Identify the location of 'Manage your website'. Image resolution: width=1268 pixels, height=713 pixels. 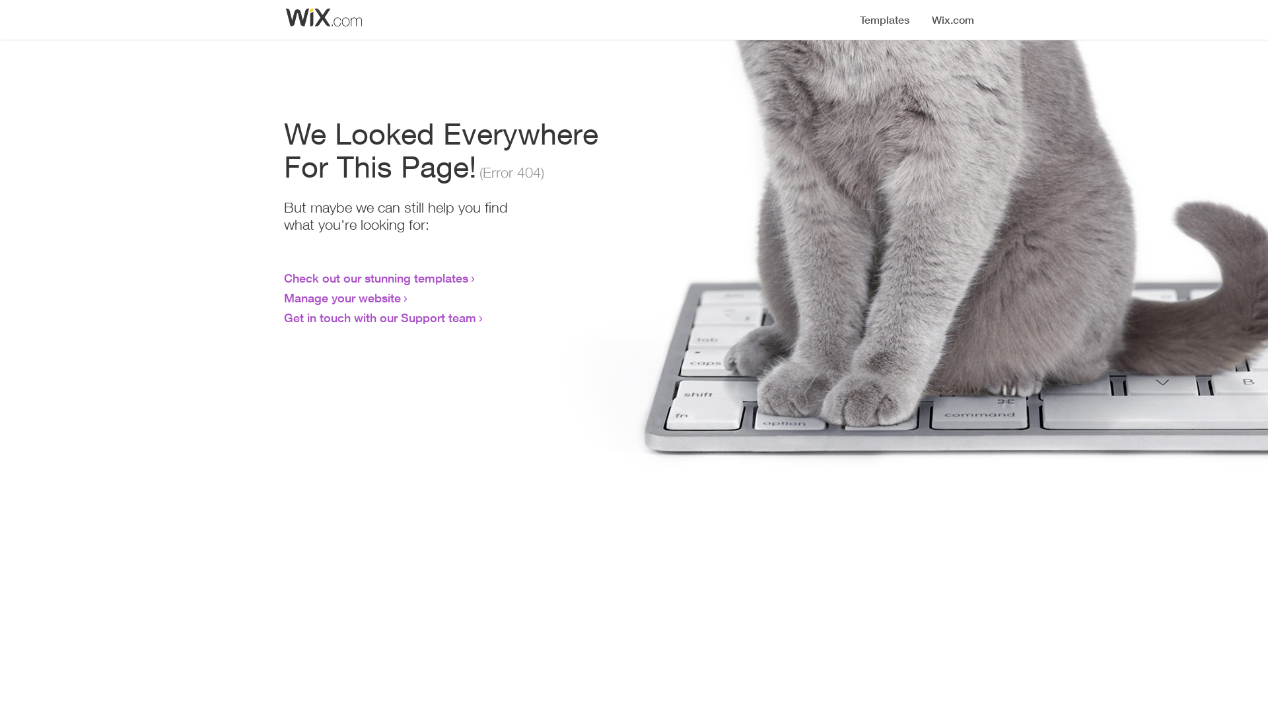
(342, 298).